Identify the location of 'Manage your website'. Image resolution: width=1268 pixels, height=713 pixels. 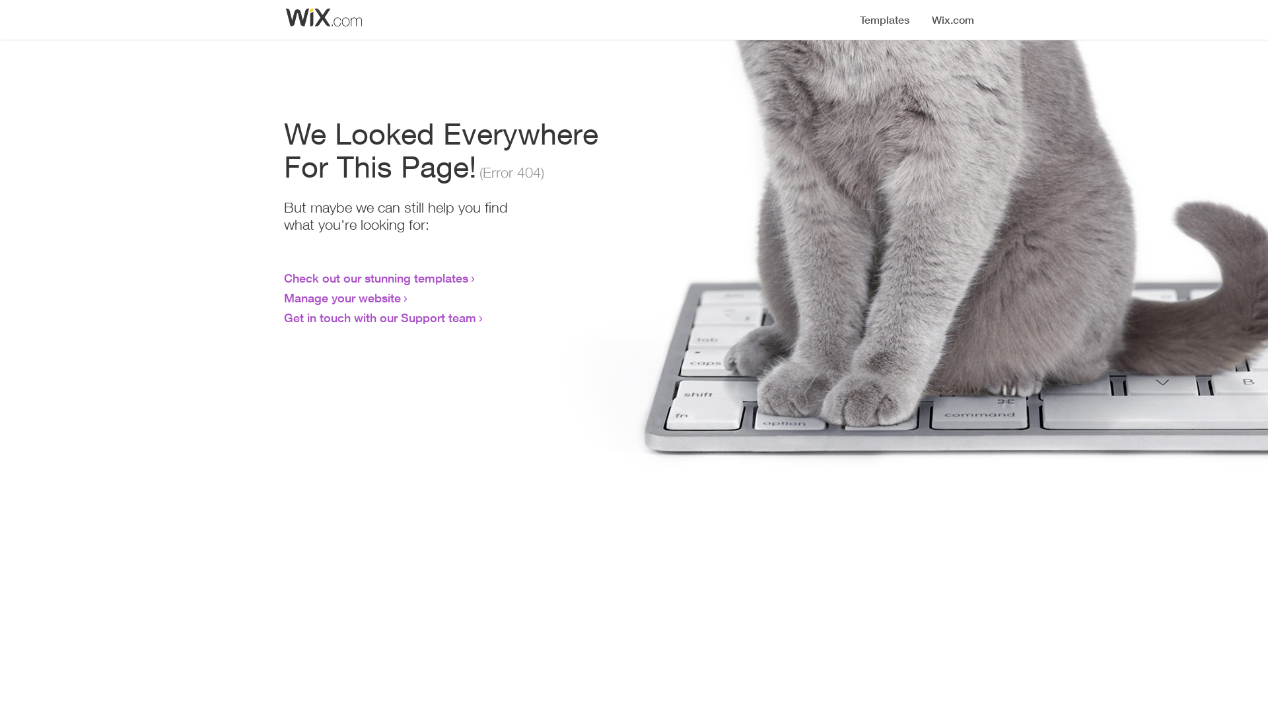
(342, 298).